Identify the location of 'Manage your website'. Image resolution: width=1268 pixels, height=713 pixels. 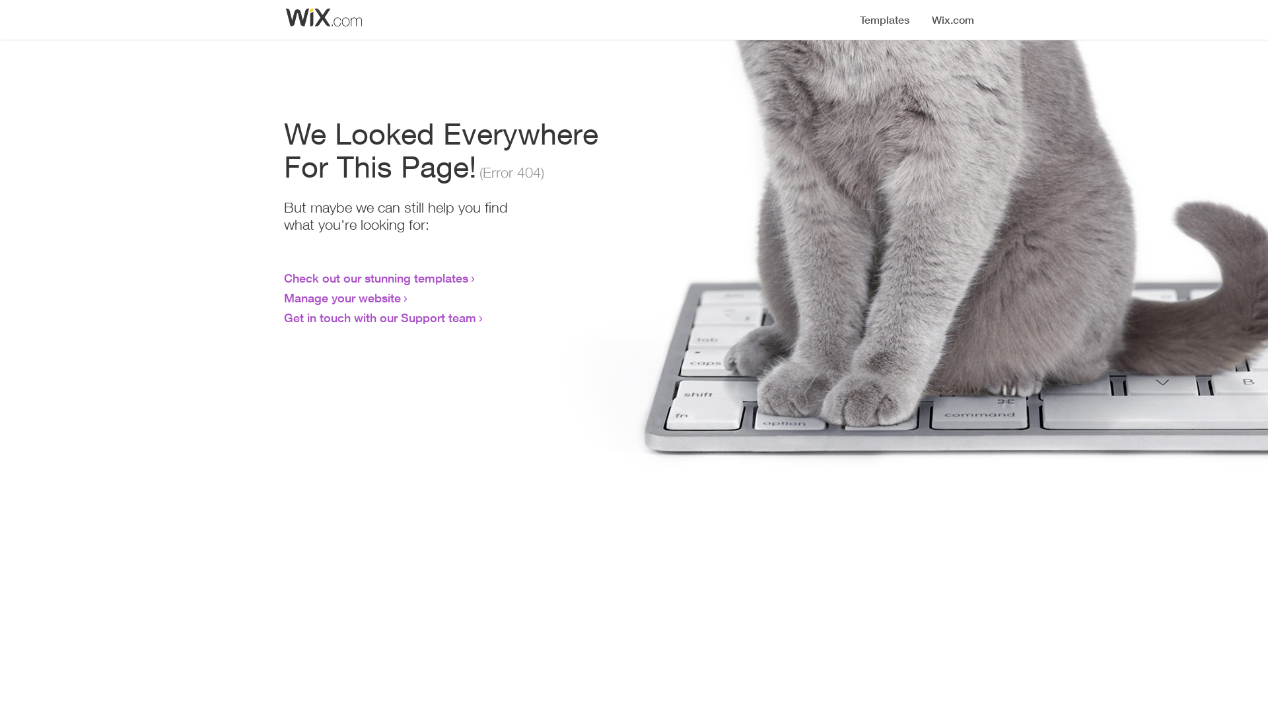
(342, 298).